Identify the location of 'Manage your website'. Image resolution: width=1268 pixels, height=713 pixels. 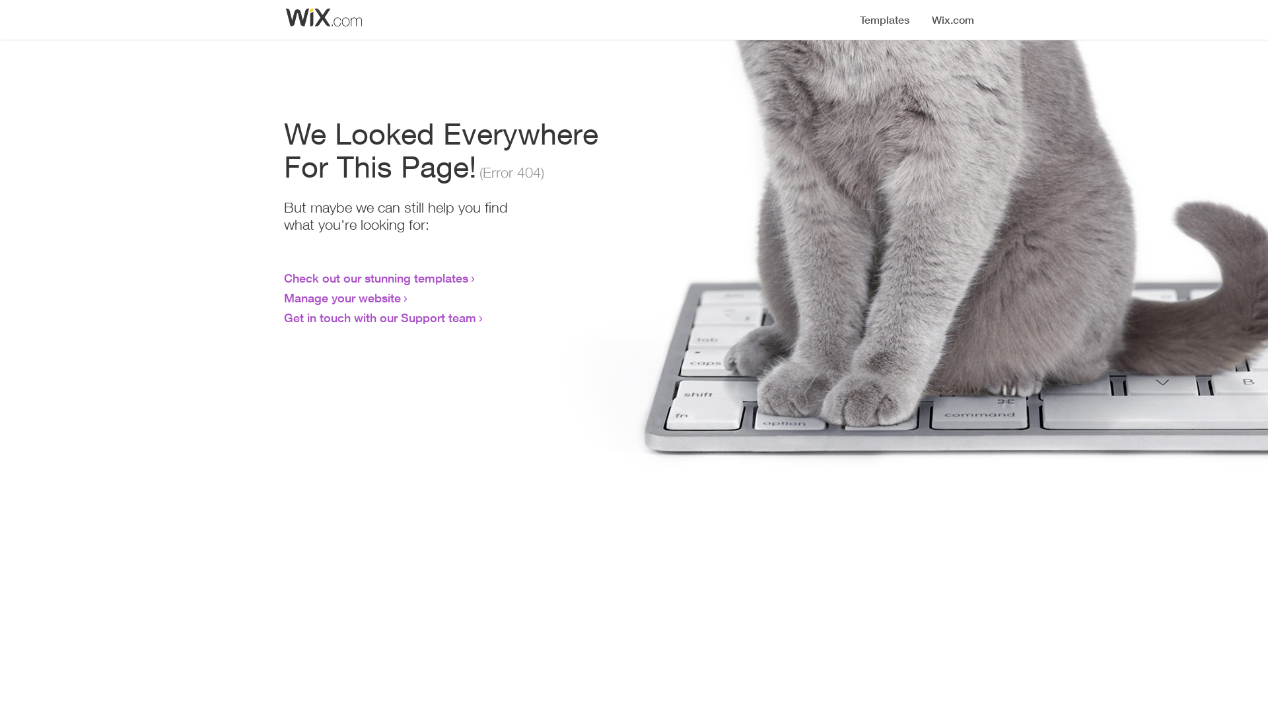
(342, 298).